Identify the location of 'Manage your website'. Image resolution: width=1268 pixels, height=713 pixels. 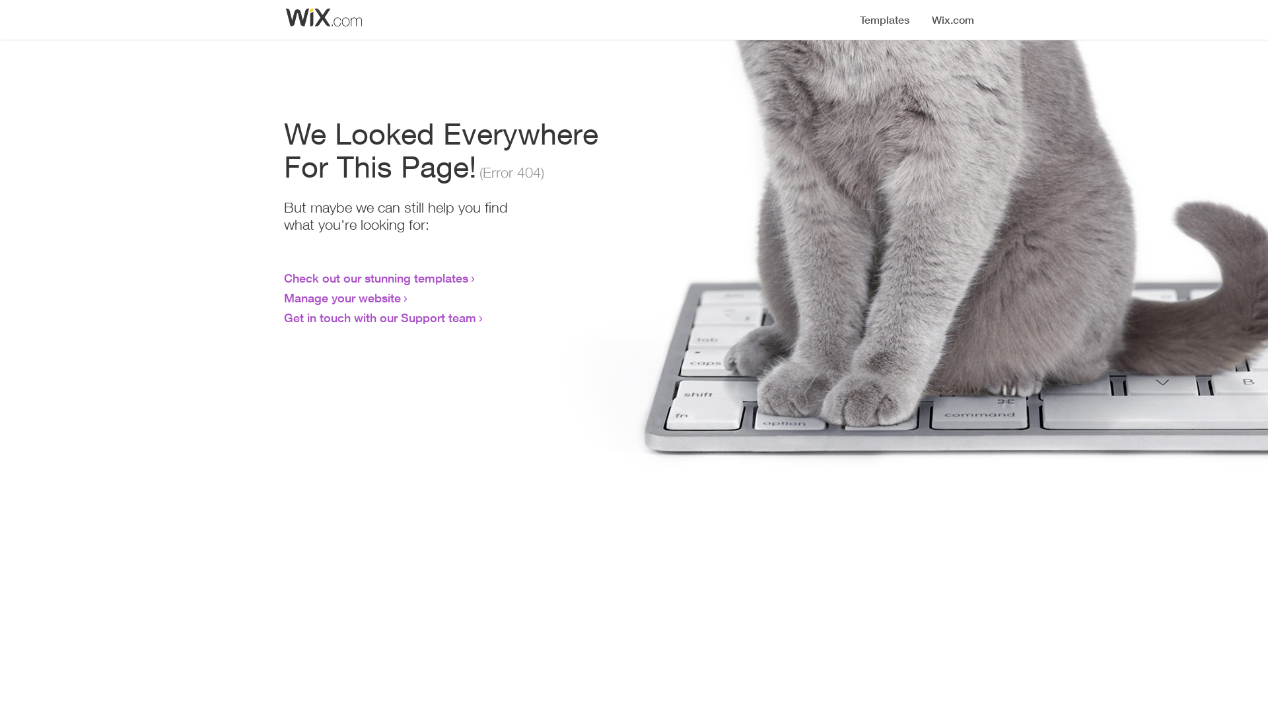
(342, 298).